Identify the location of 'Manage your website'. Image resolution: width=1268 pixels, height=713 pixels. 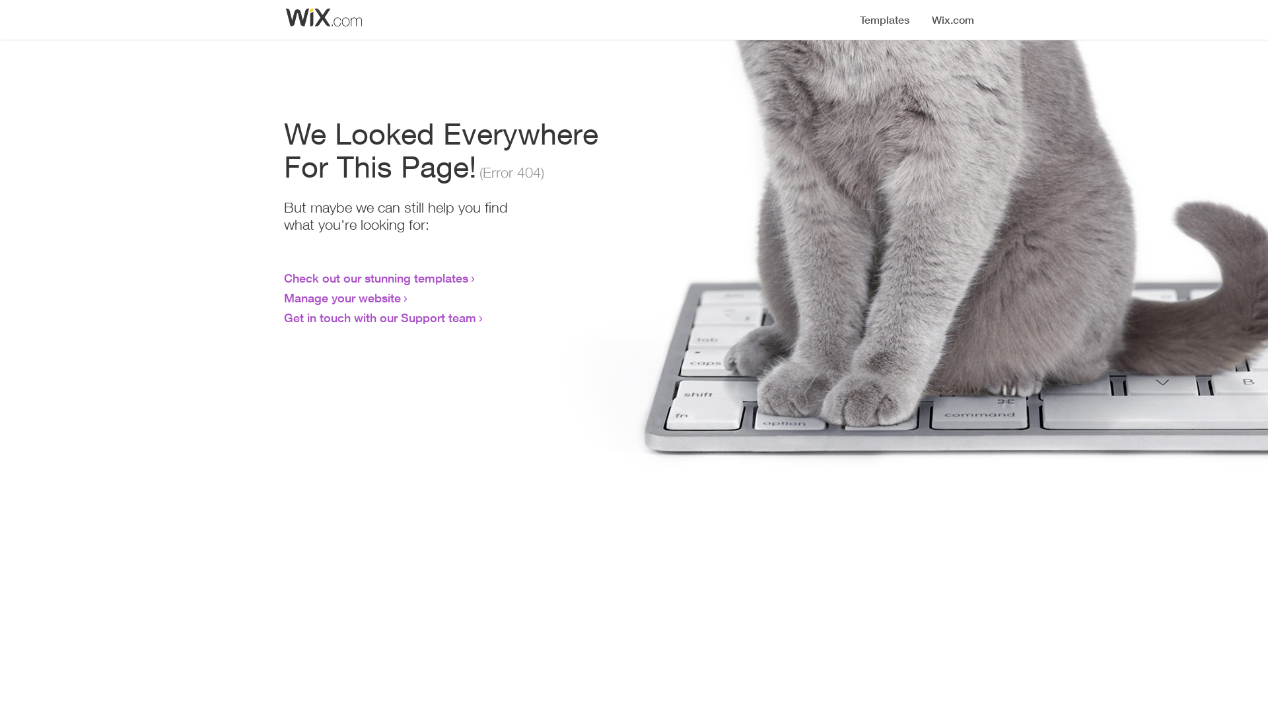
(342, 298).